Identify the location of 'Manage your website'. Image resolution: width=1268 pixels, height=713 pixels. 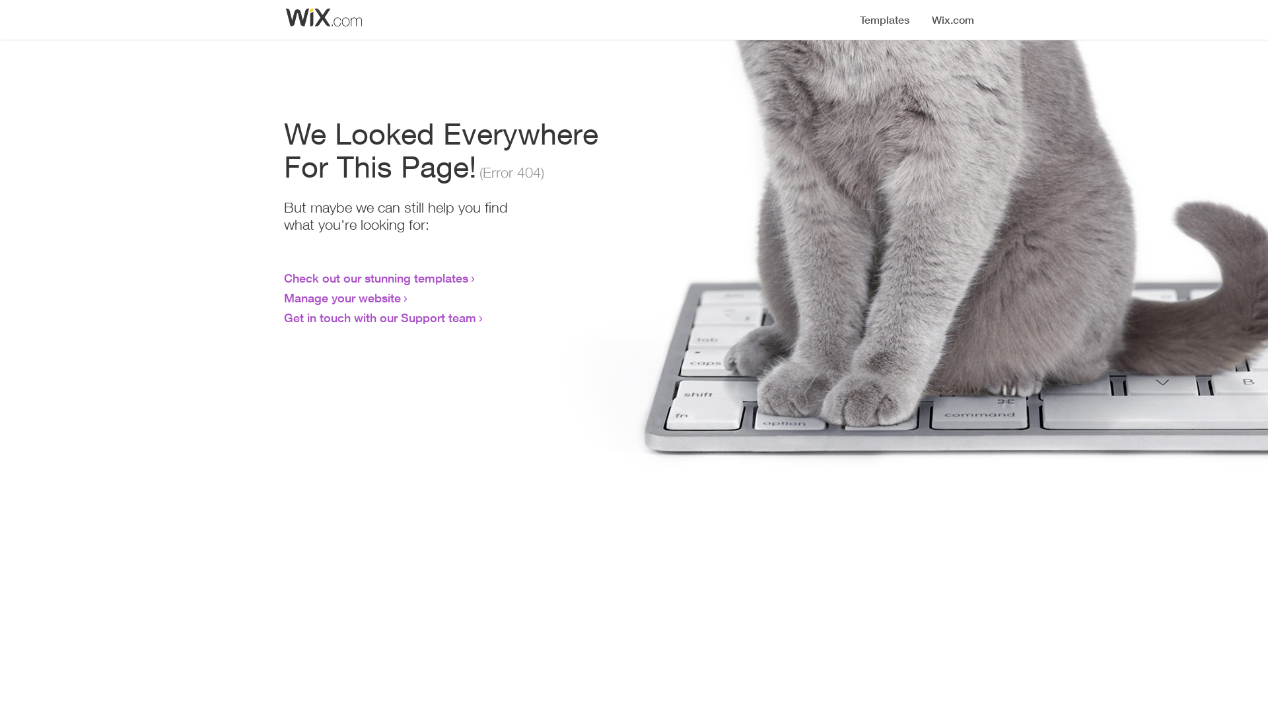
(342, 298).